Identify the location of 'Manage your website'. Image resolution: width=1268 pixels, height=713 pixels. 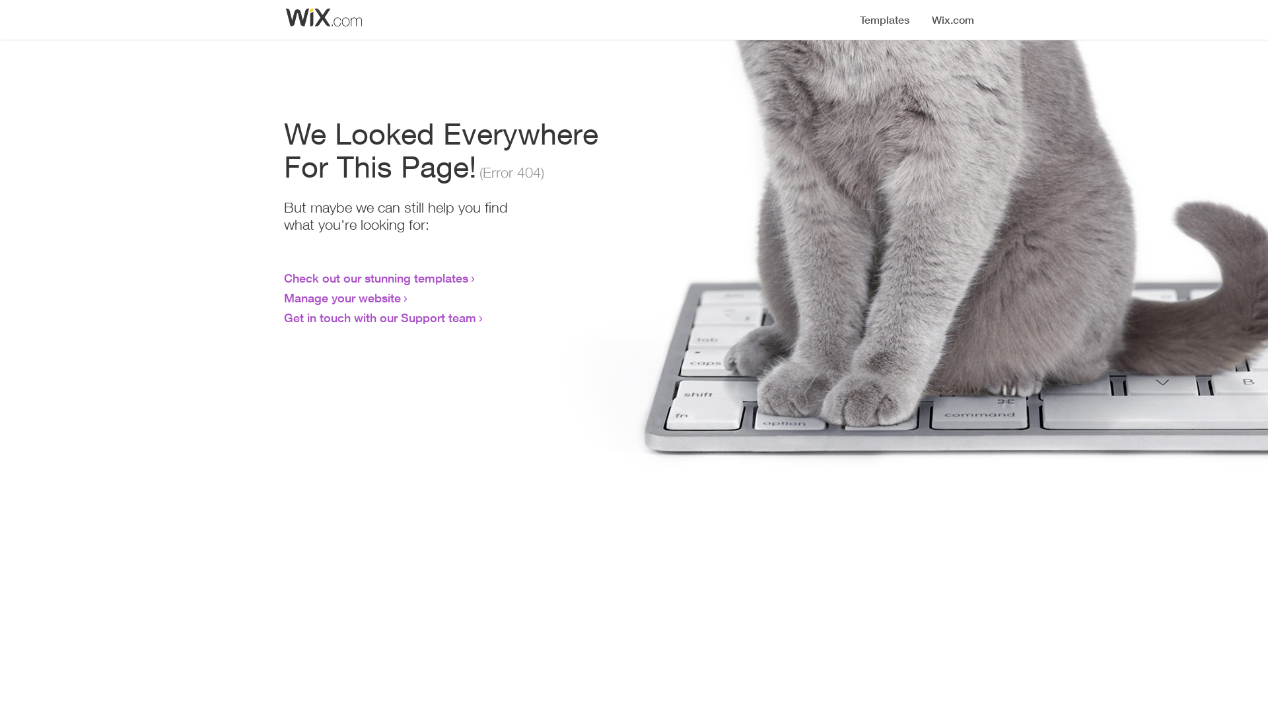
(342, 298).